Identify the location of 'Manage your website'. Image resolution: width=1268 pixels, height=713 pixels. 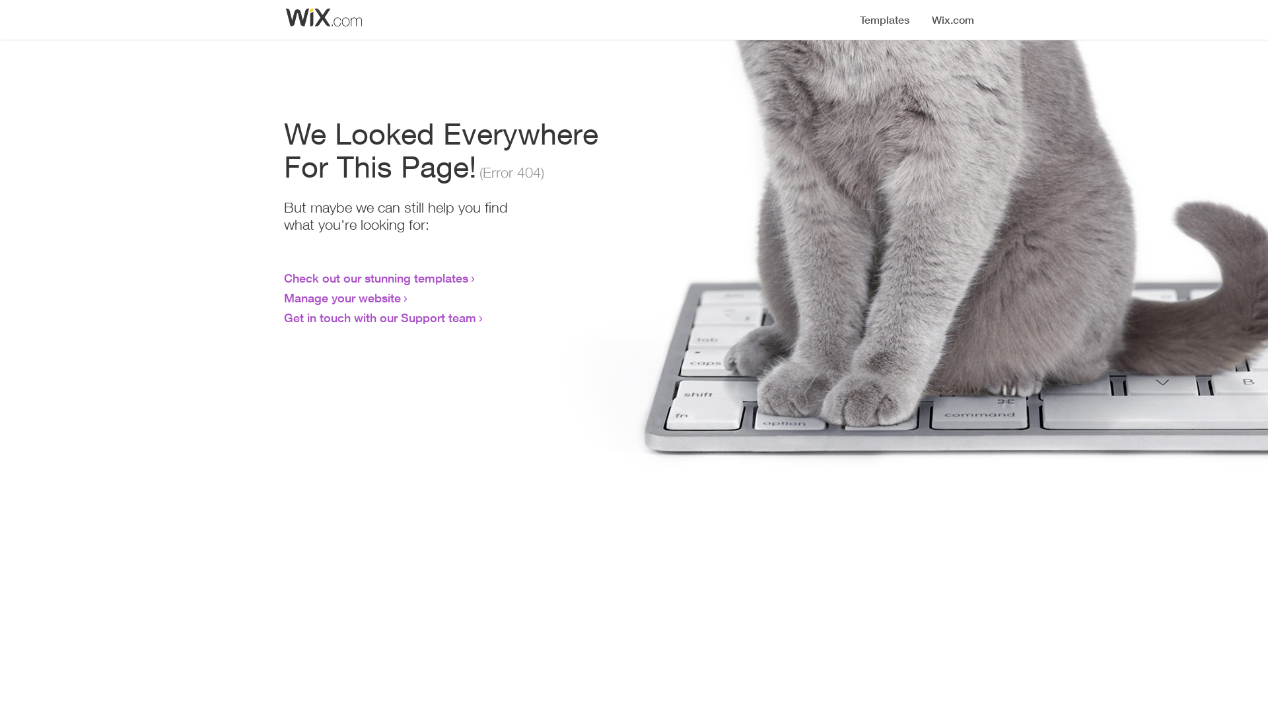
(342, 298).